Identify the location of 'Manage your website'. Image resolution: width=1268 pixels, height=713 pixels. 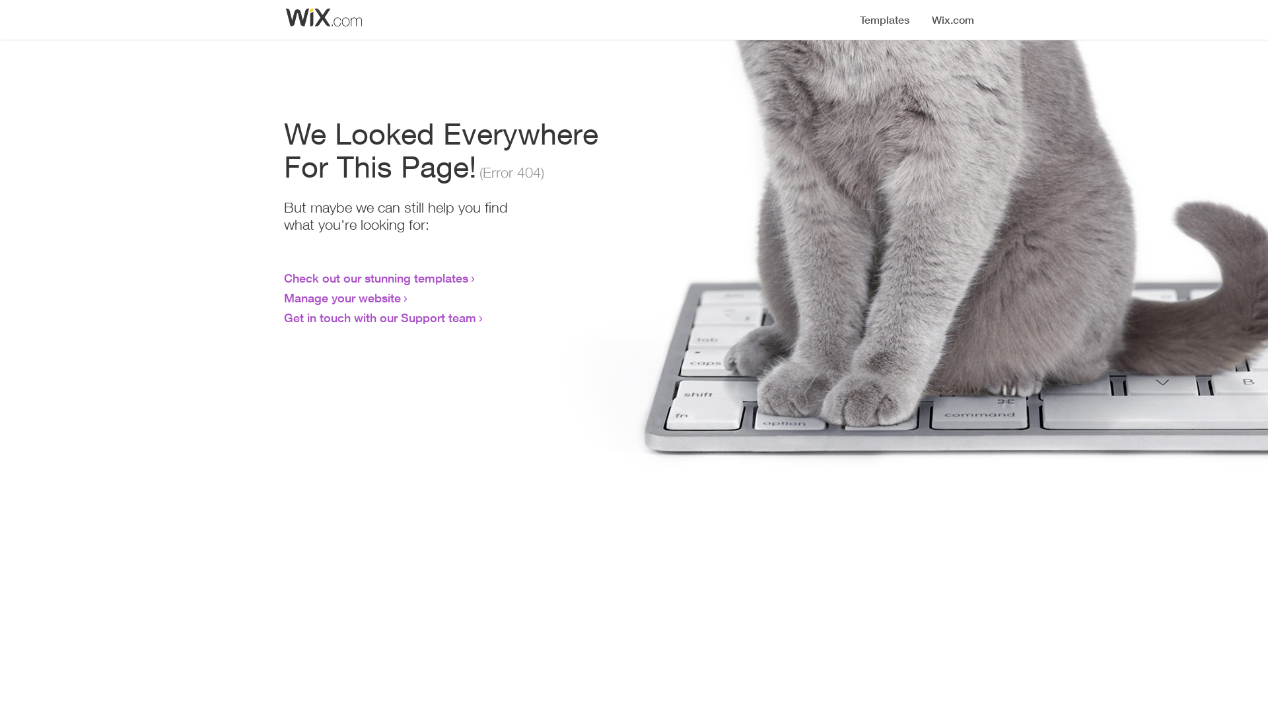
(342, 298).